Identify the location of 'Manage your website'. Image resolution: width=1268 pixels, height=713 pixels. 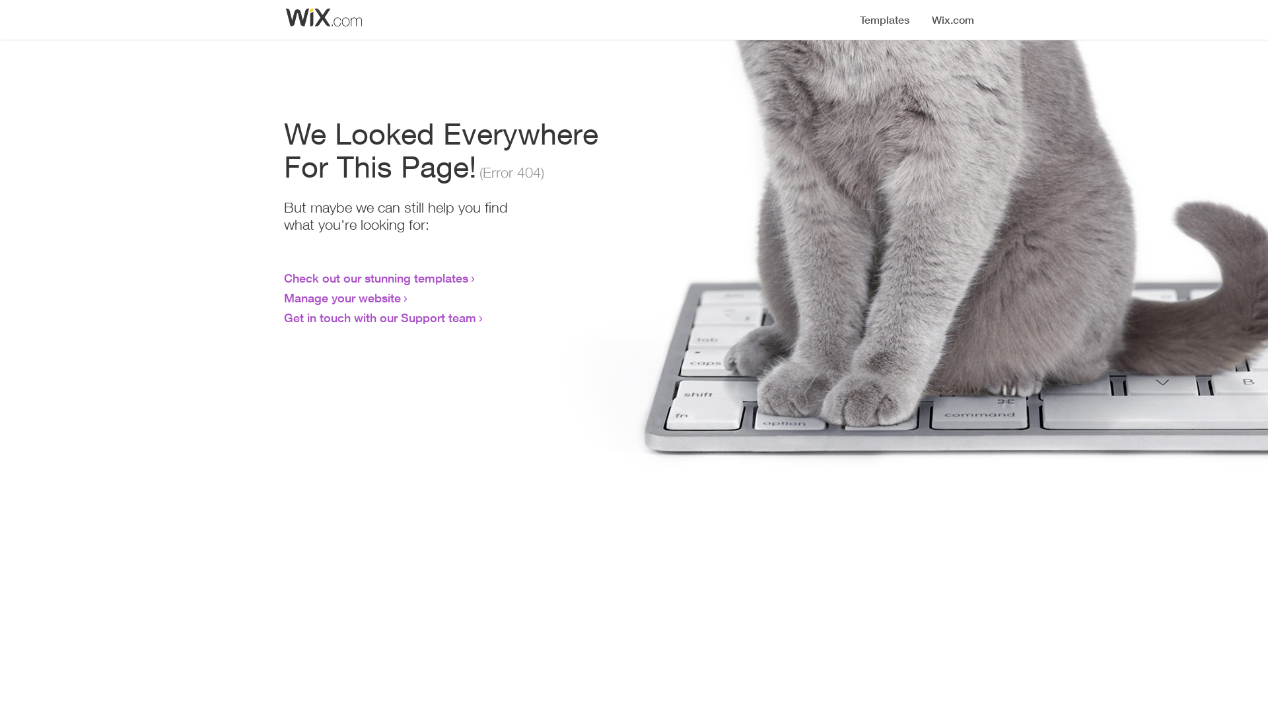
(342, 298).